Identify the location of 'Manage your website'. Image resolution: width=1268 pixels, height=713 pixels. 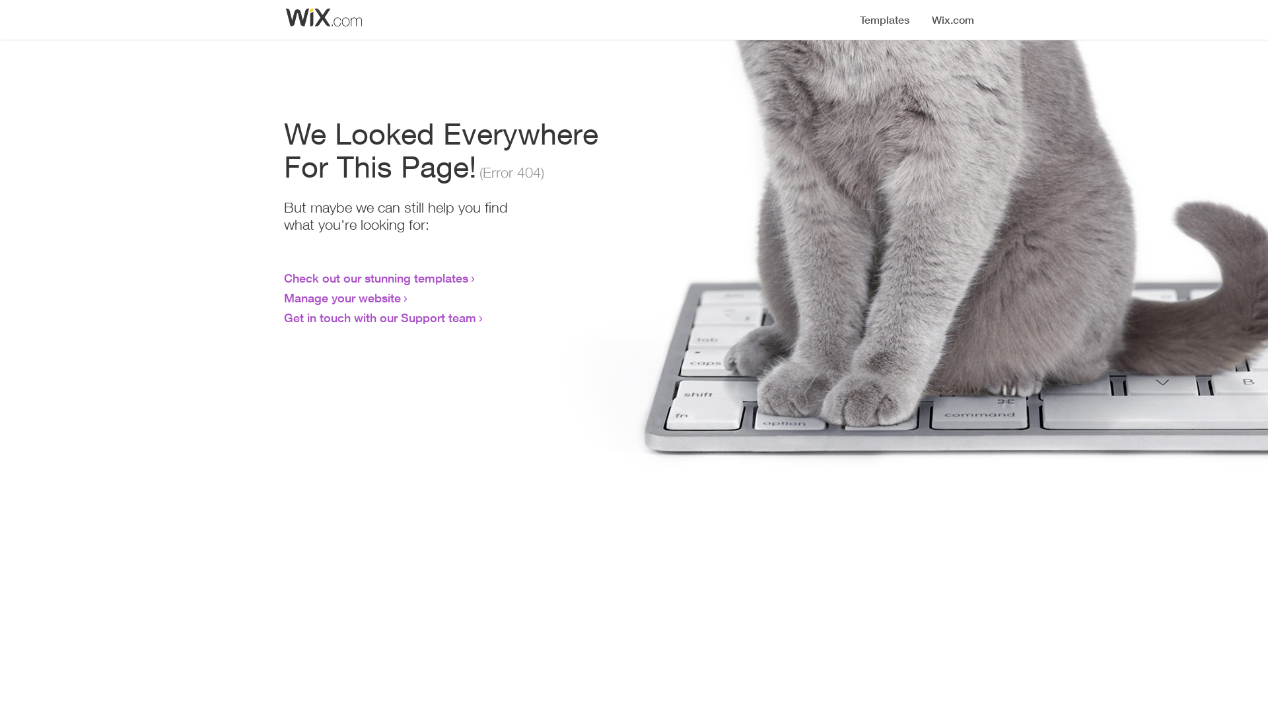
(342, 298).